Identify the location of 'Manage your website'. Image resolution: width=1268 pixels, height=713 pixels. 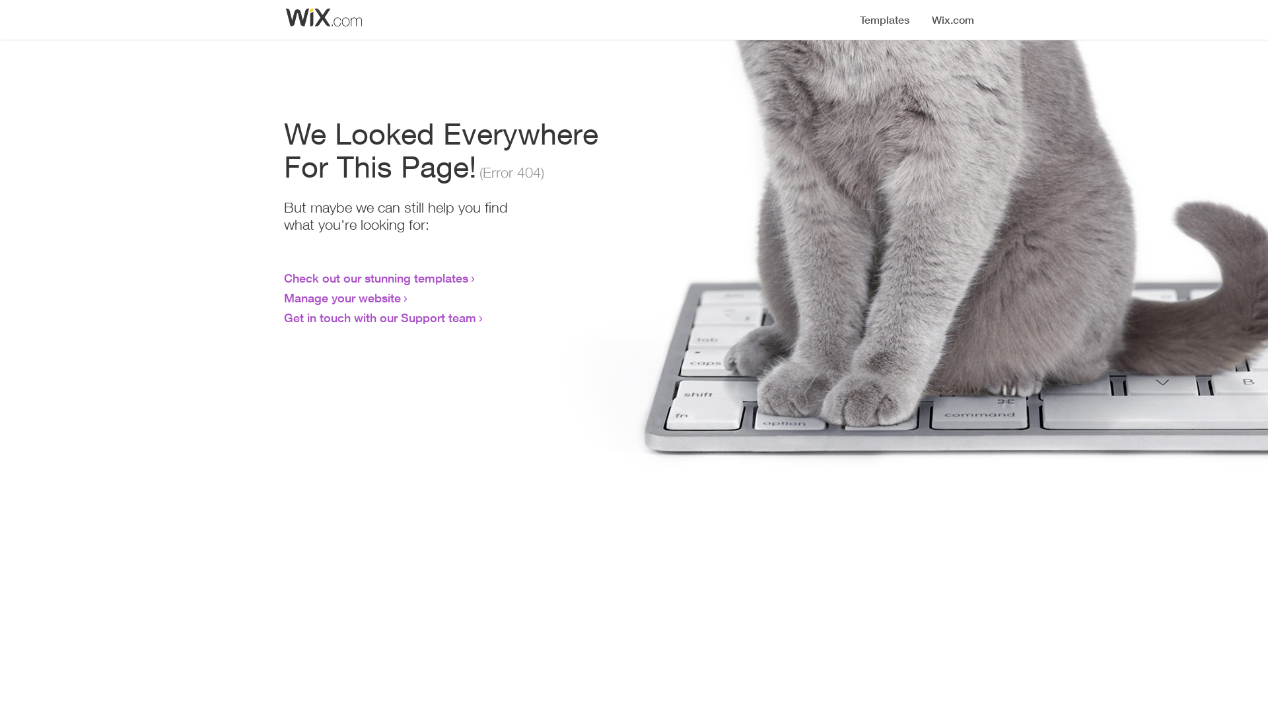
(342, 298).